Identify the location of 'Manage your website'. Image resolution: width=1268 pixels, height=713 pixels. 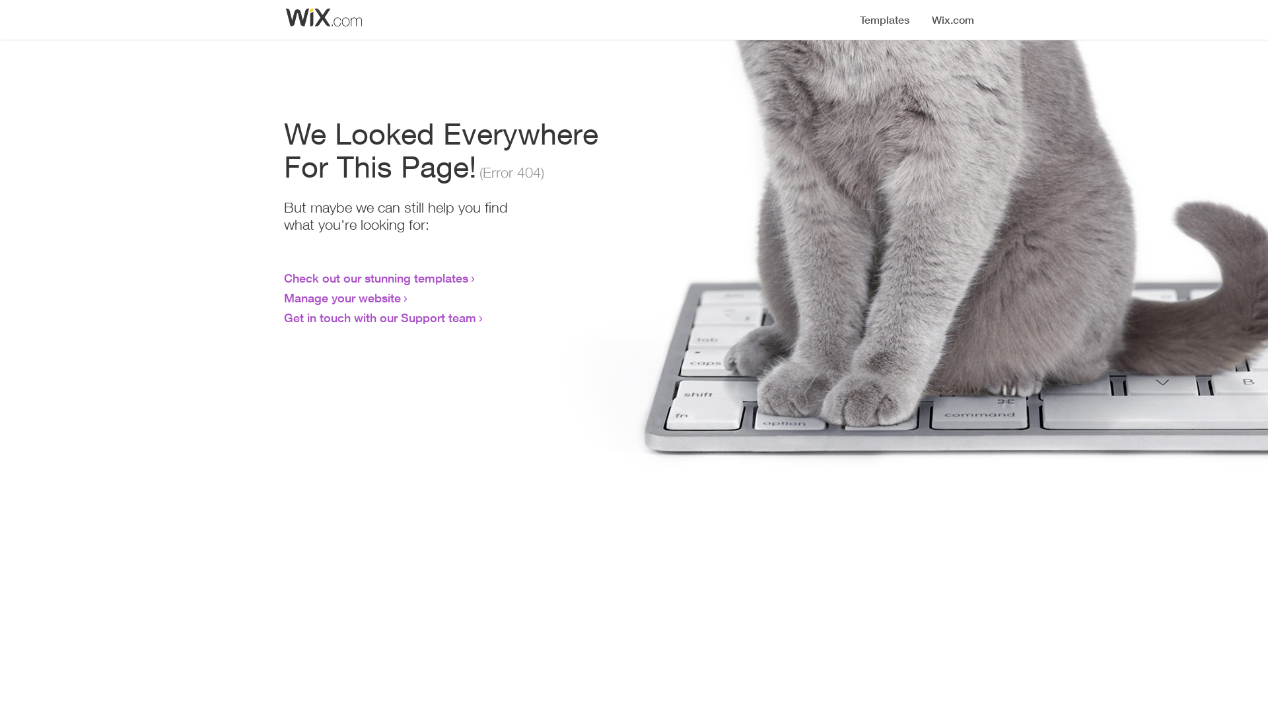
(342, 298).